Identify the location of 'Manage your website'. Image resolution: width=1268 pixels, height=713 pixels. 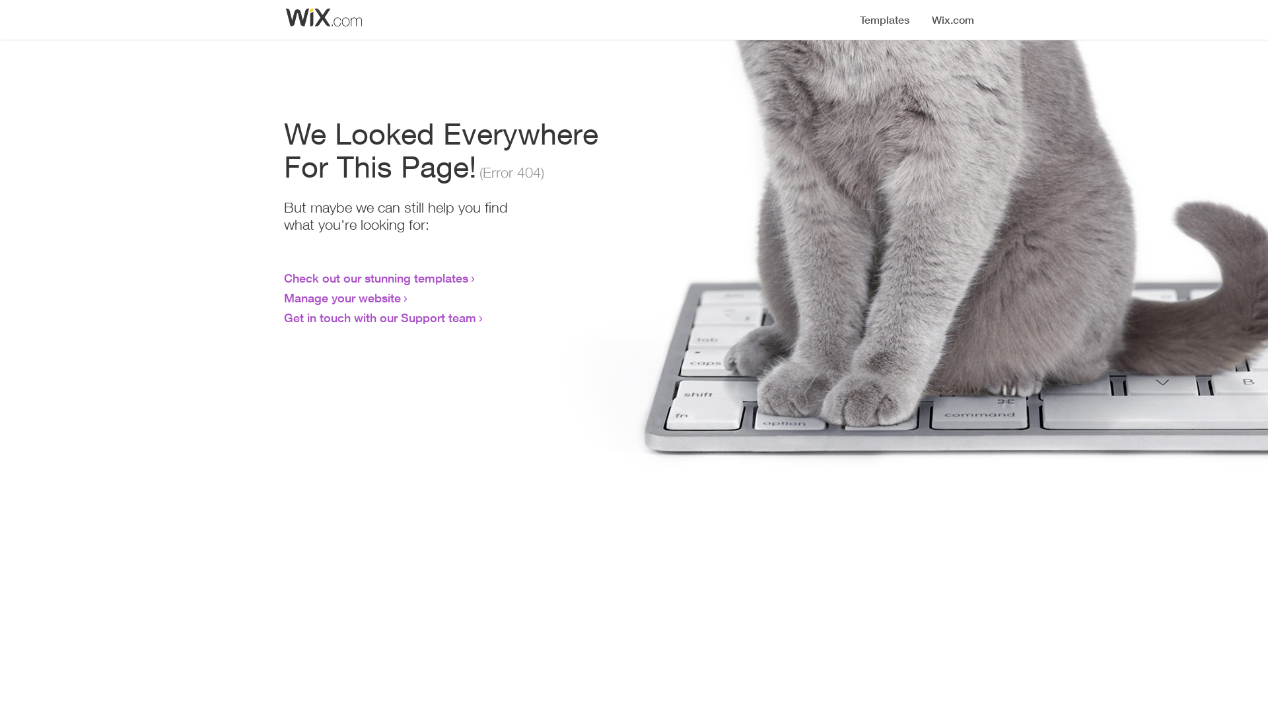
(342, 298).